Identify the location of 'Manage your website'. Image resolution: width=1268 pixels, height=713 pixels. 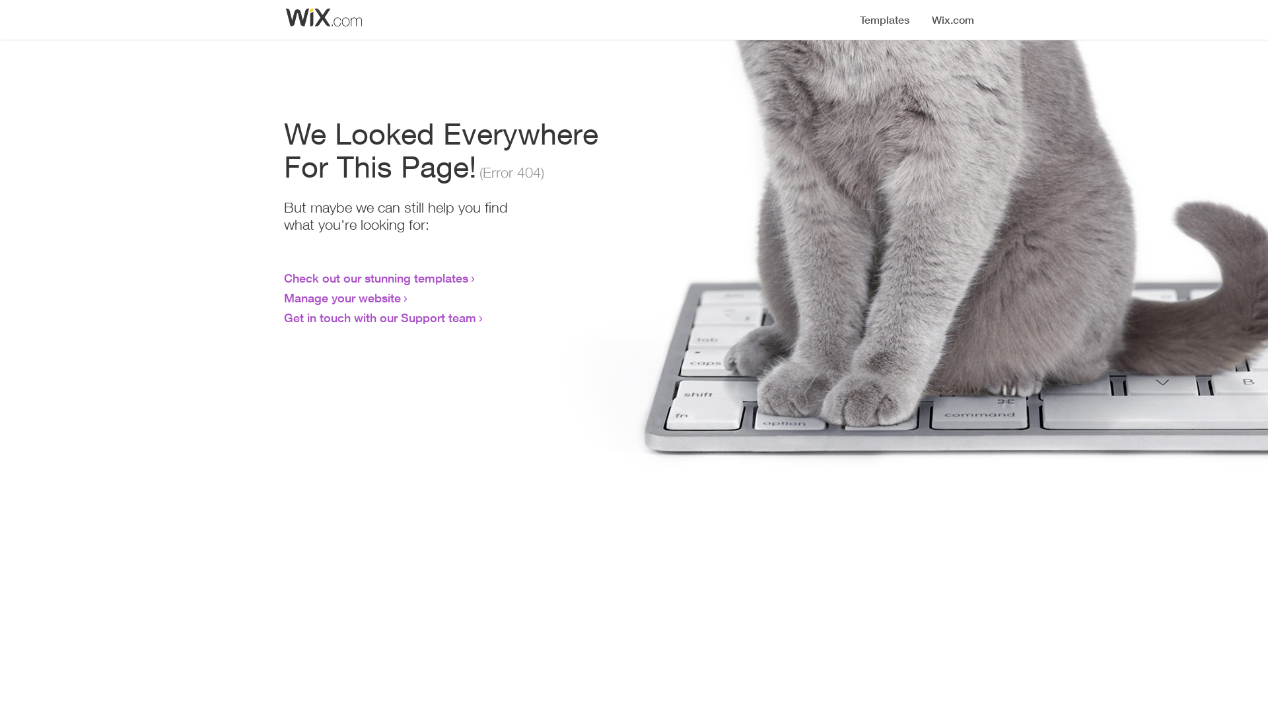
(342, 298).